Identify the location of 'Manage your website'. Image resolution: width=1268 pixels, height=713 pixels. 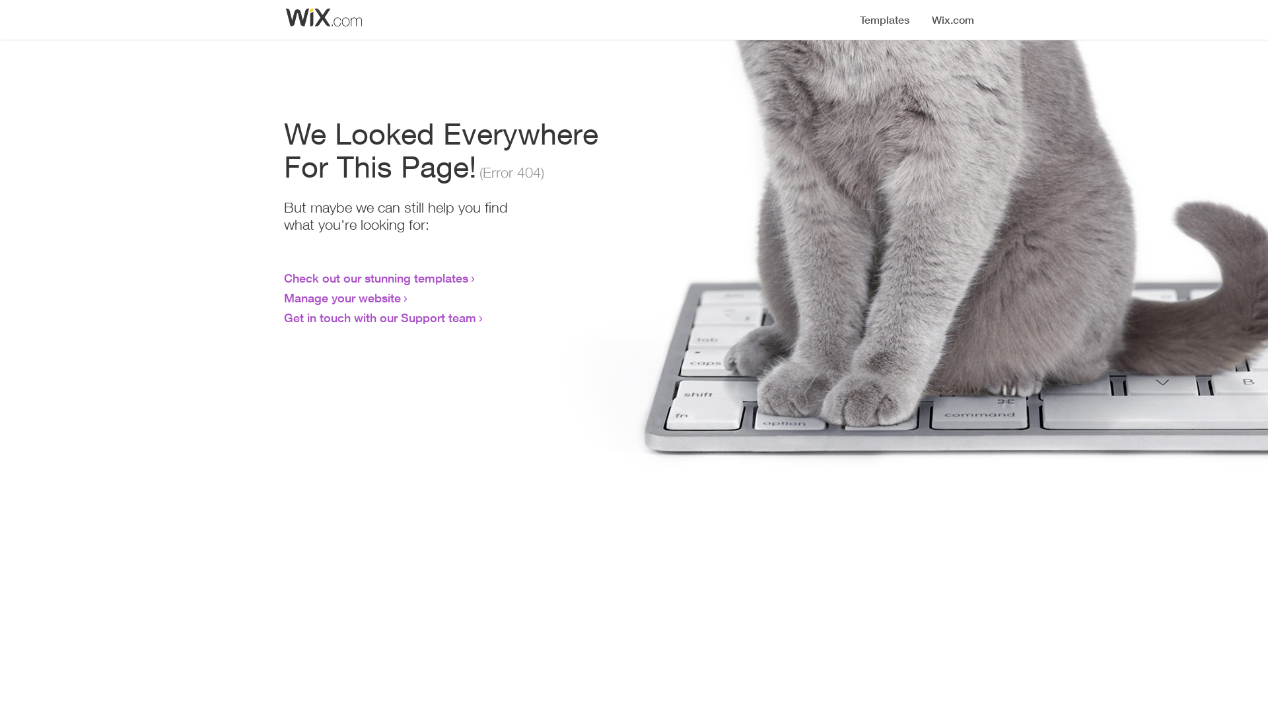
(342, 298).